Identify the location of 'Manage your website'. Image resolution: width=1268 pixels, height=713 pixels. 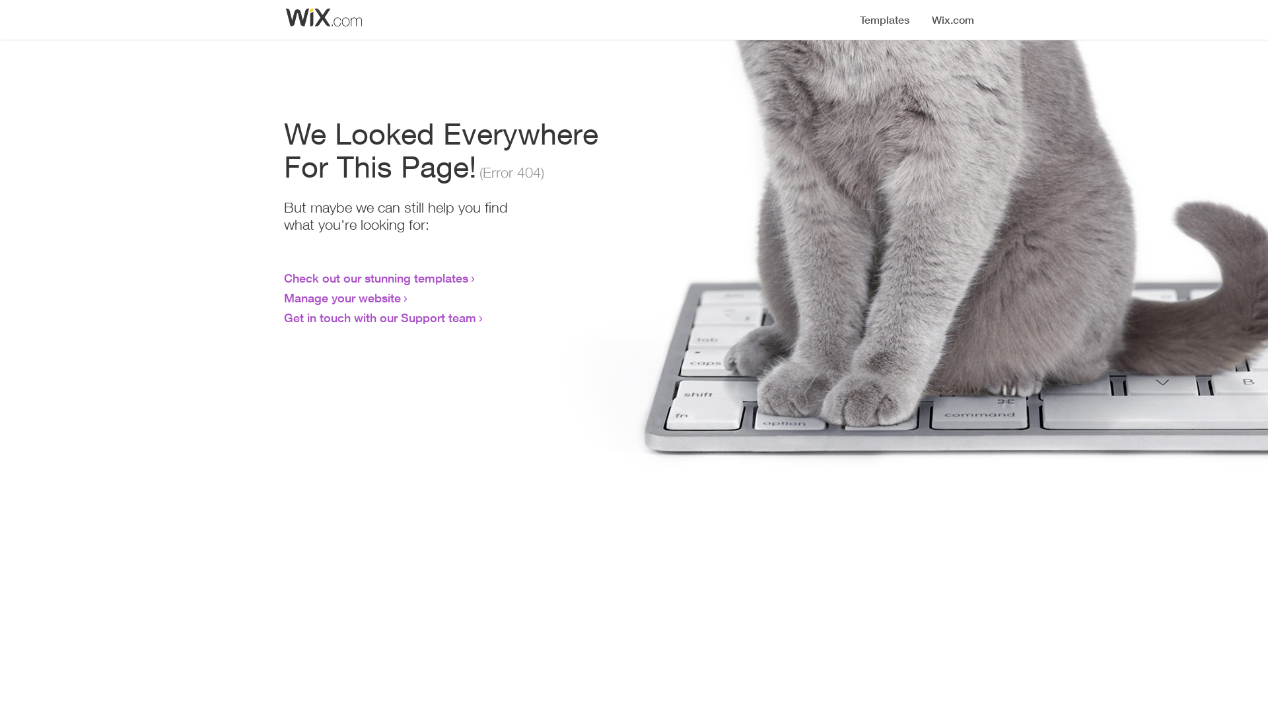
(342, 298).